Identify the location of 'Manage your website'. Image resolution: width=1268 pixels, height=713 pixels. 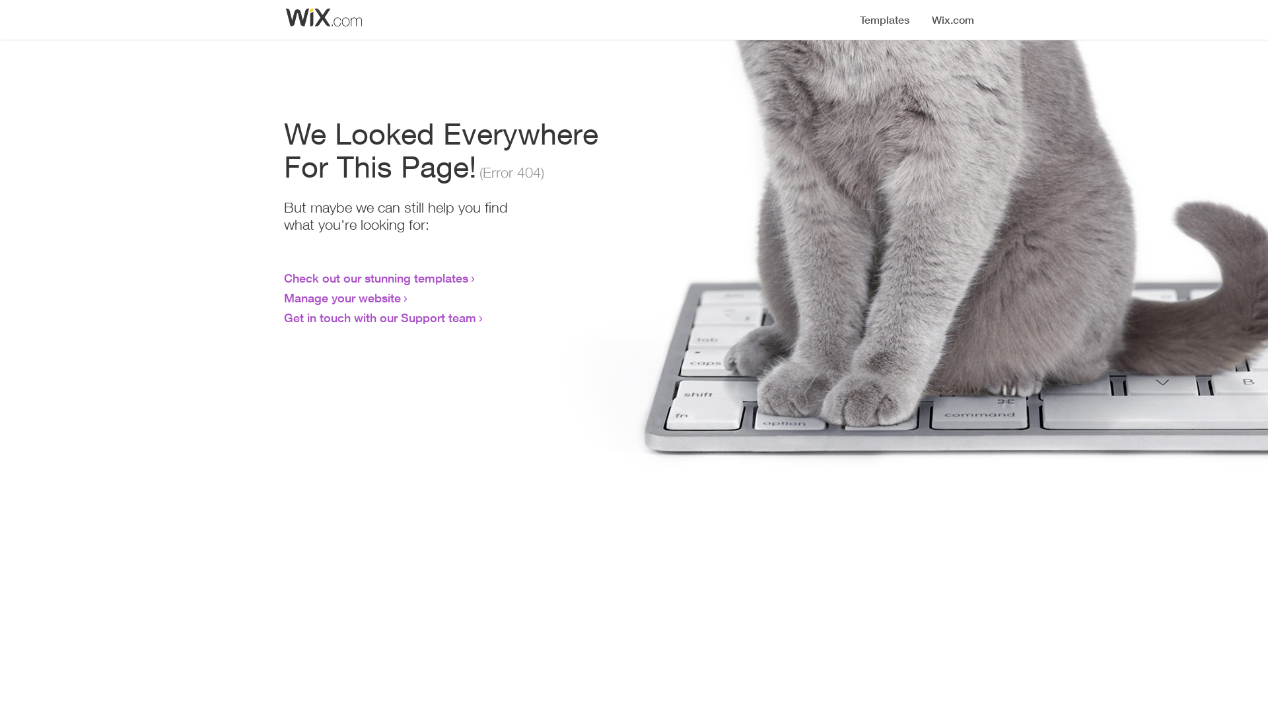
(342, 298).